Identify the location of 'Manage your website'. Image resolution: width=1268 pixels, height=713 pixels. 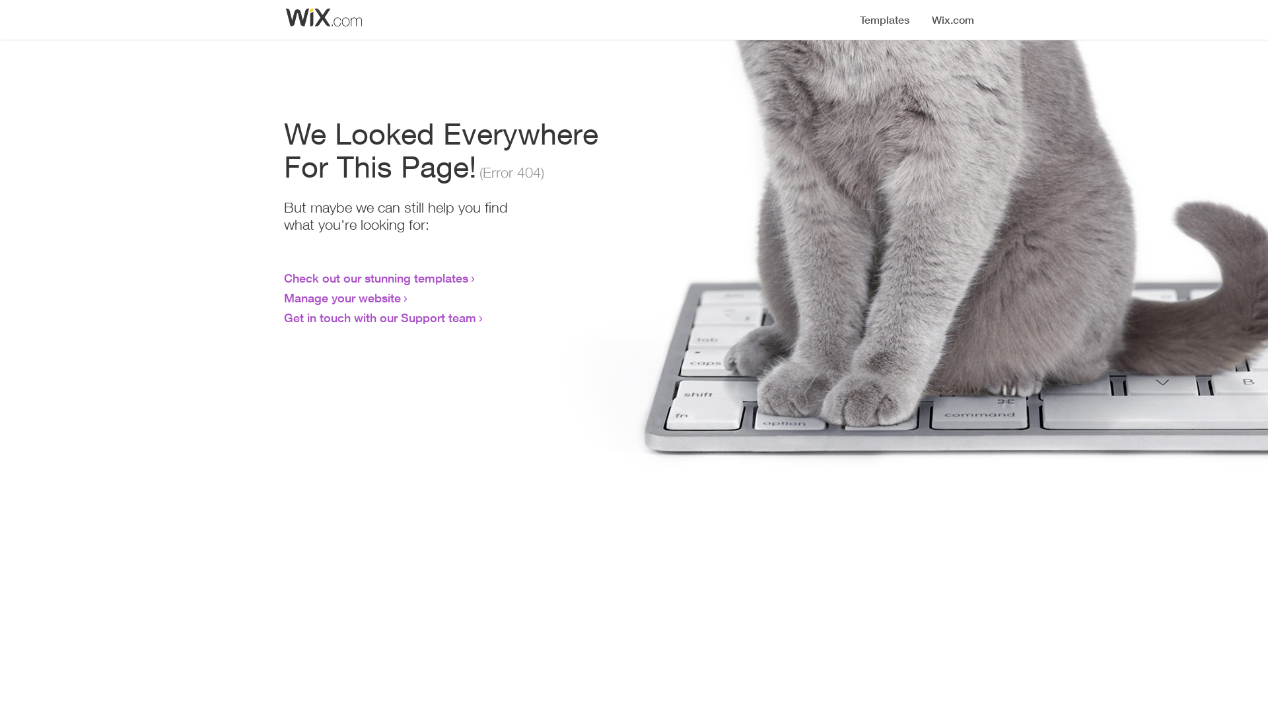
(342, 298).